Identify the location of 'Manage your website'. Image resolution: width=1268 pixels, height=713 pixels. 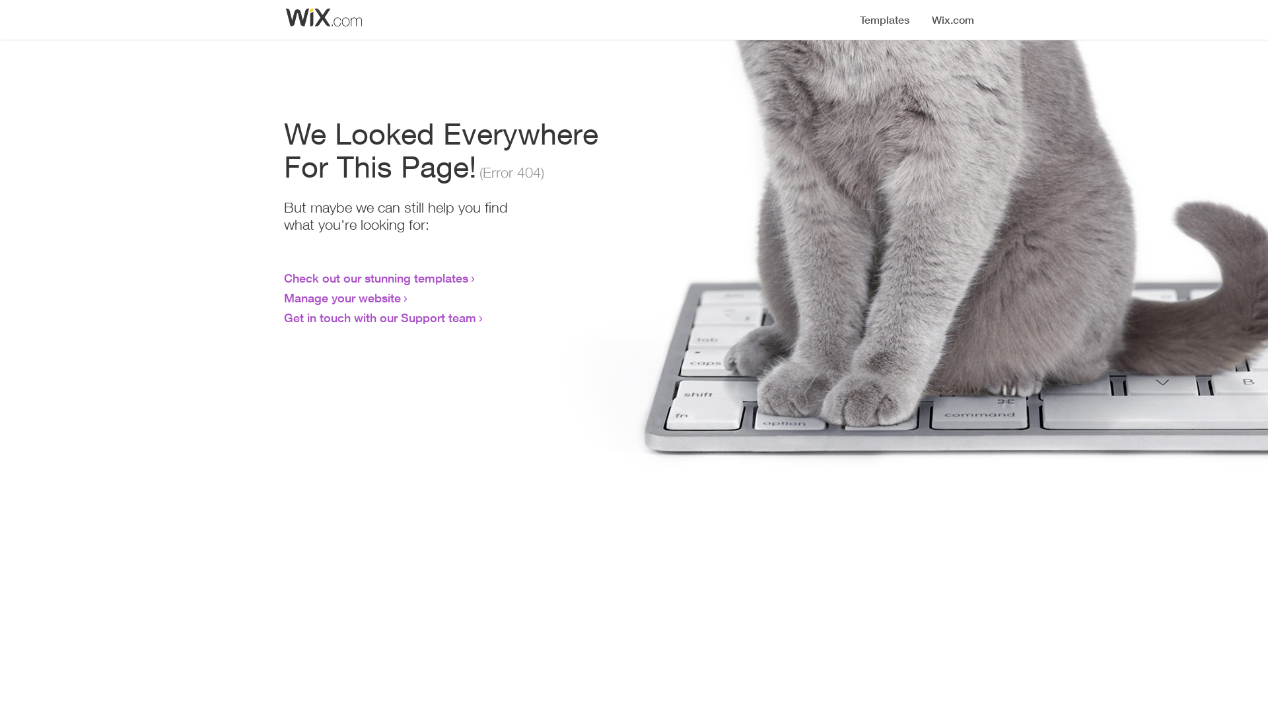
(342, 298).